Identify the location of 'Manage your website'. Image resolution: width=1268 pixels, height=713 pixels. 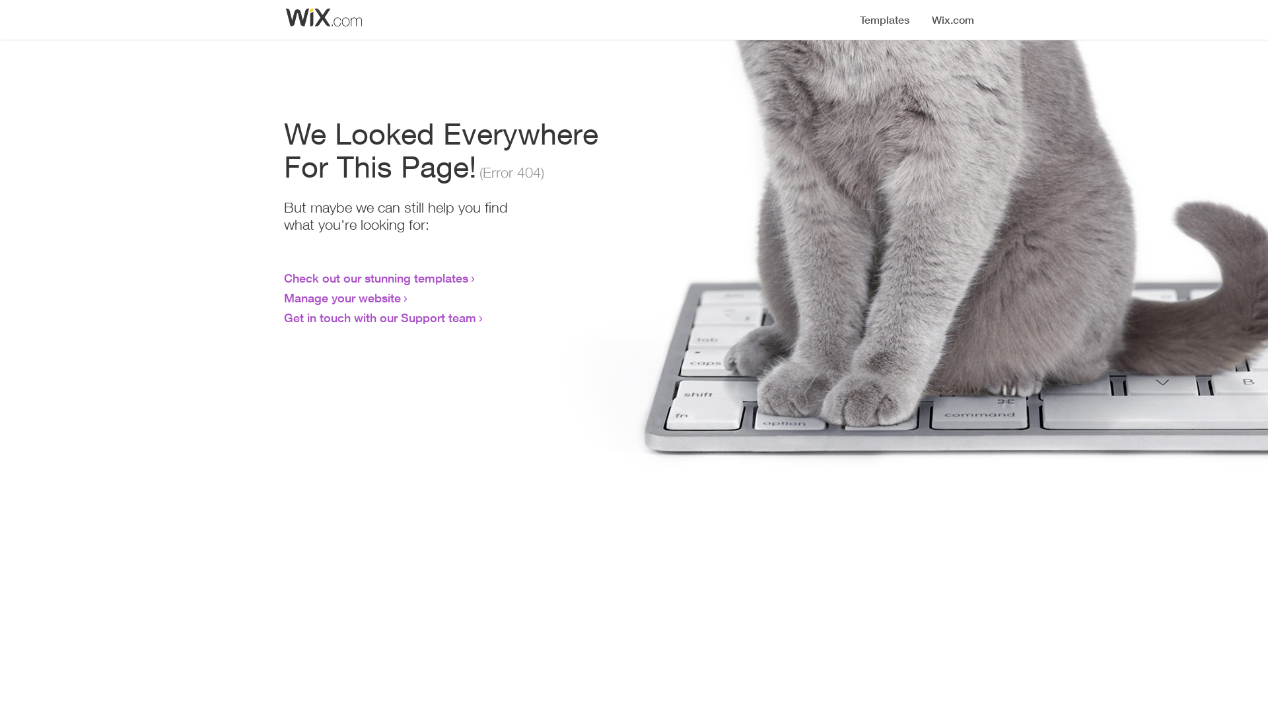
(342, 298).